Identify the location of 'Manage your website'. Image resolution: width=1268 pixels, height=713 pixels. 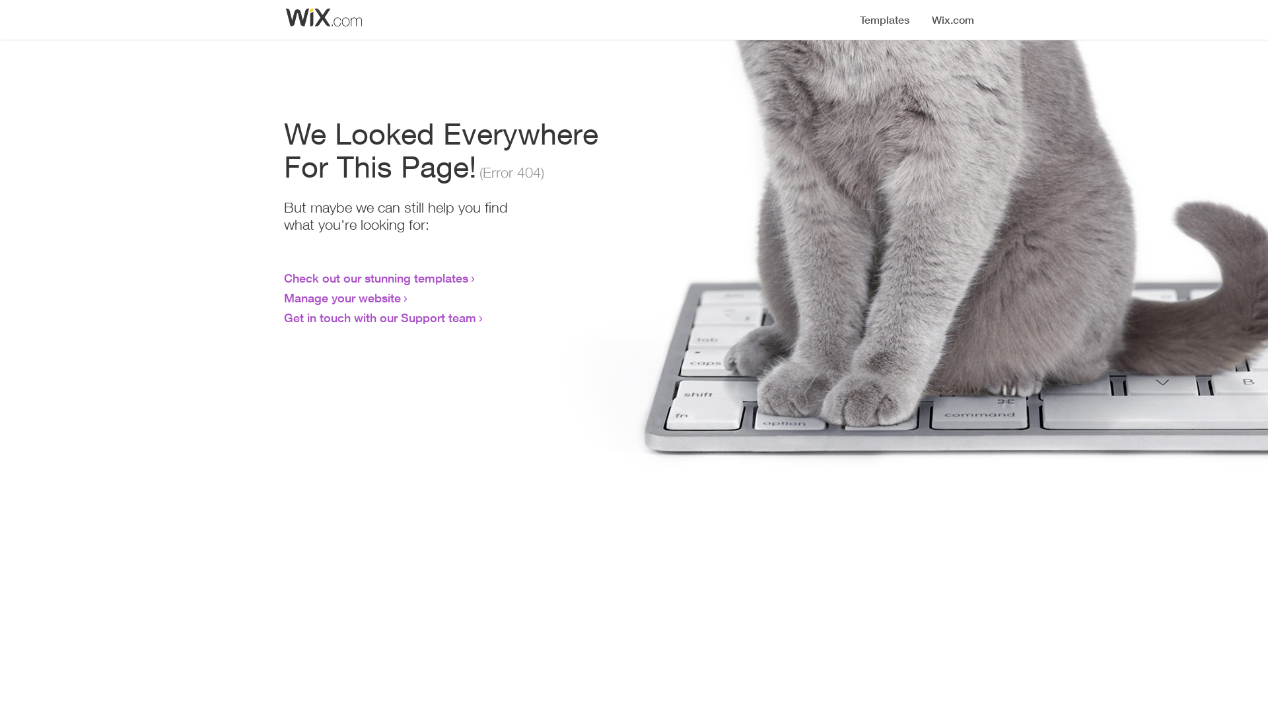
(342, 298).